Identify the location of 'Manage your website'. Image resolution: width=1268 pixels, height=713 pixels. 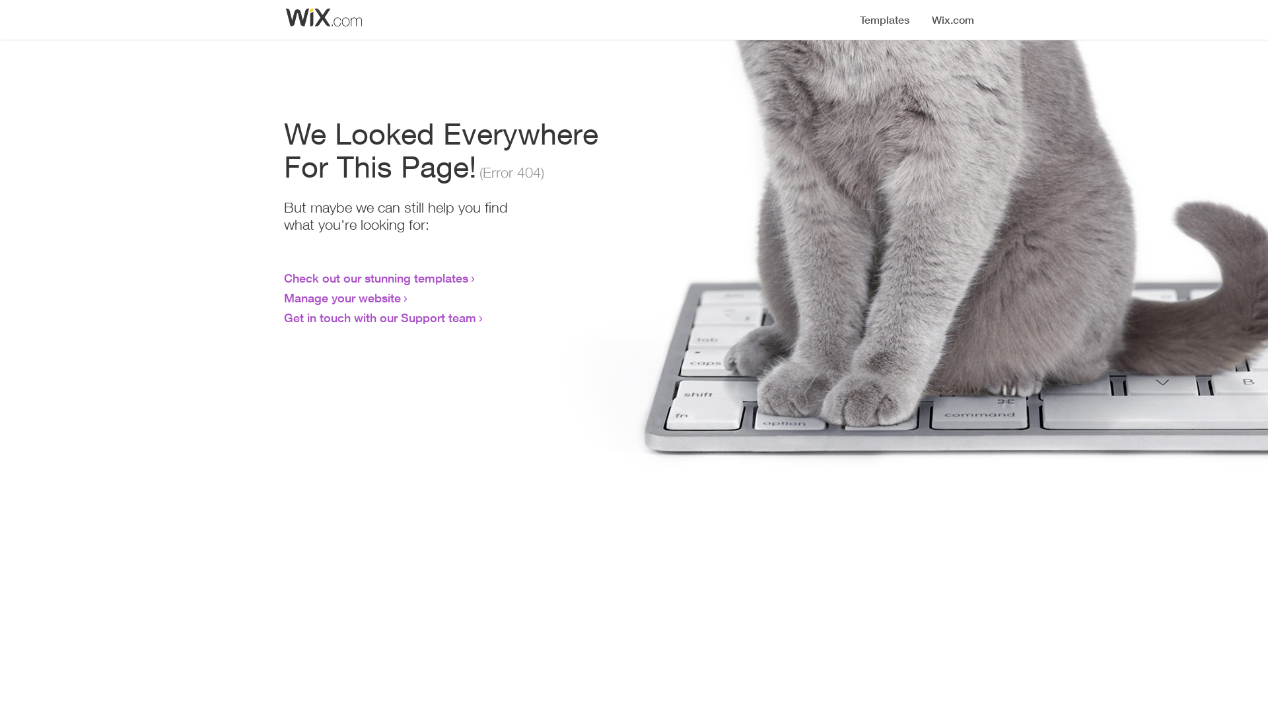
(342, 298).